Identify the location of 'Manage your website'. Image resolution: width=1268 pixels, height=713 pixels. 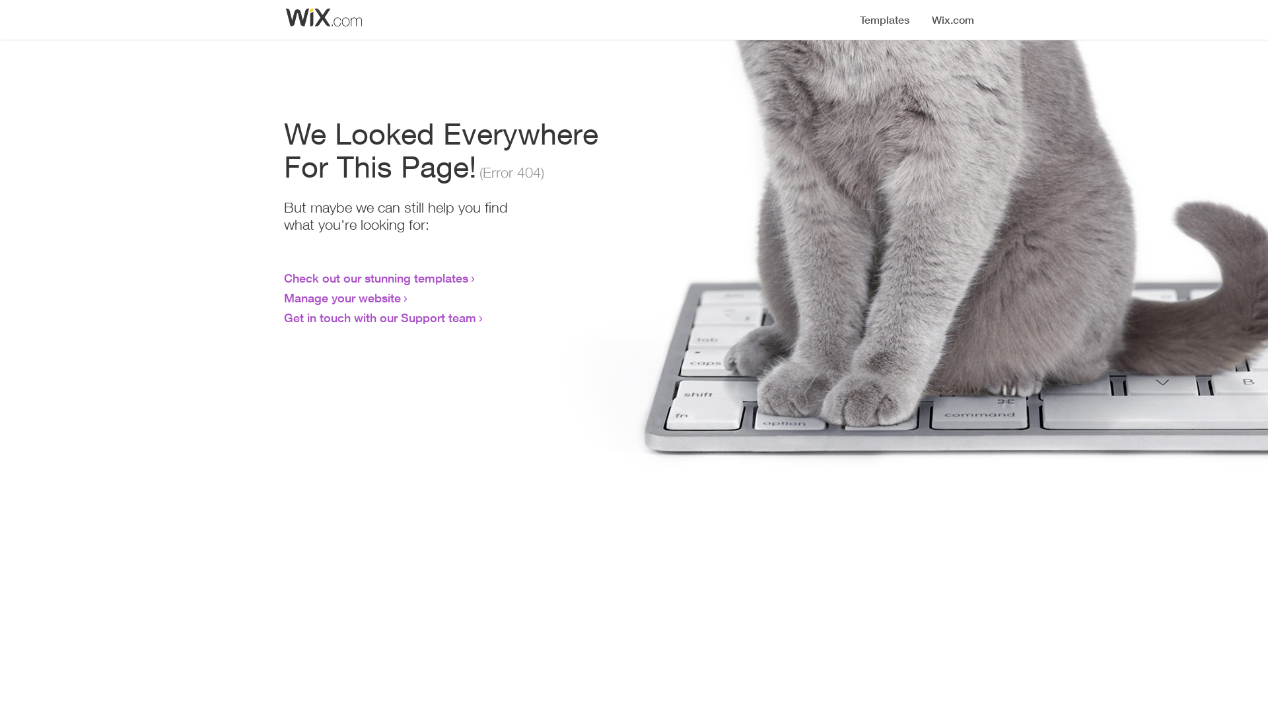
(342, 298).